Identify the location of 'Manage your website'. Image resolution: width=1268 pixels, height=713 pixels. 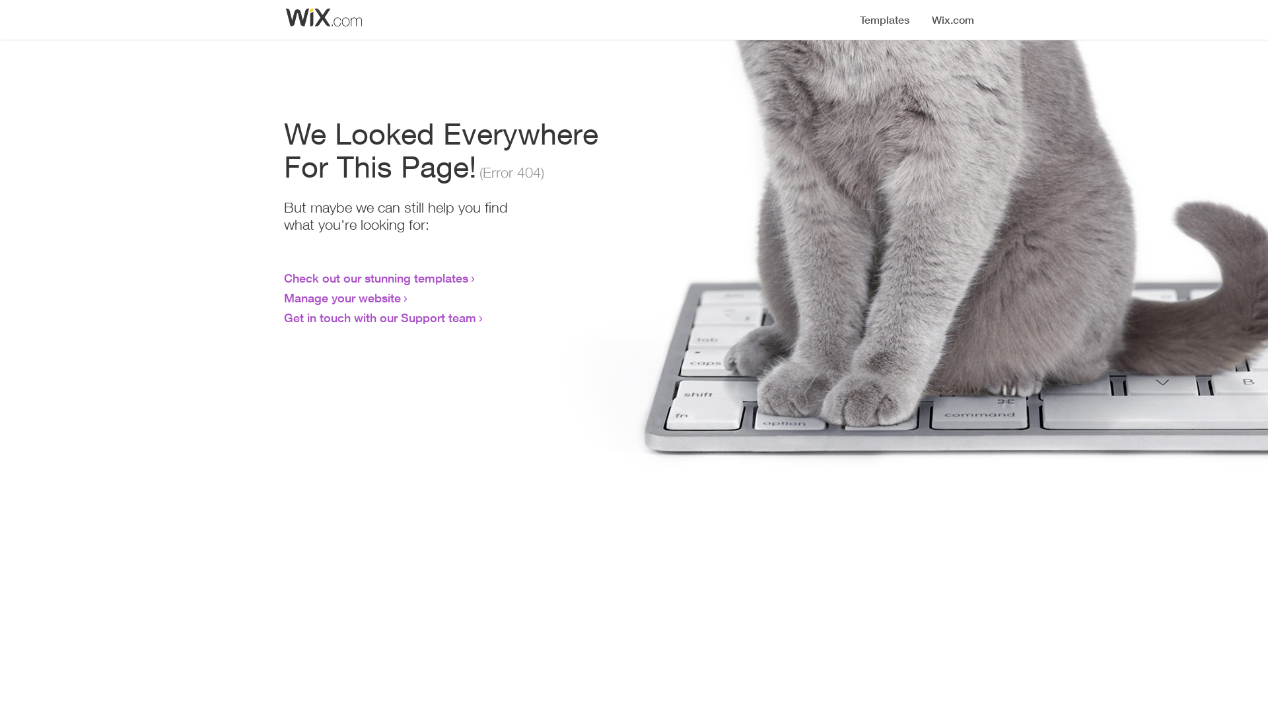
(342, 298).